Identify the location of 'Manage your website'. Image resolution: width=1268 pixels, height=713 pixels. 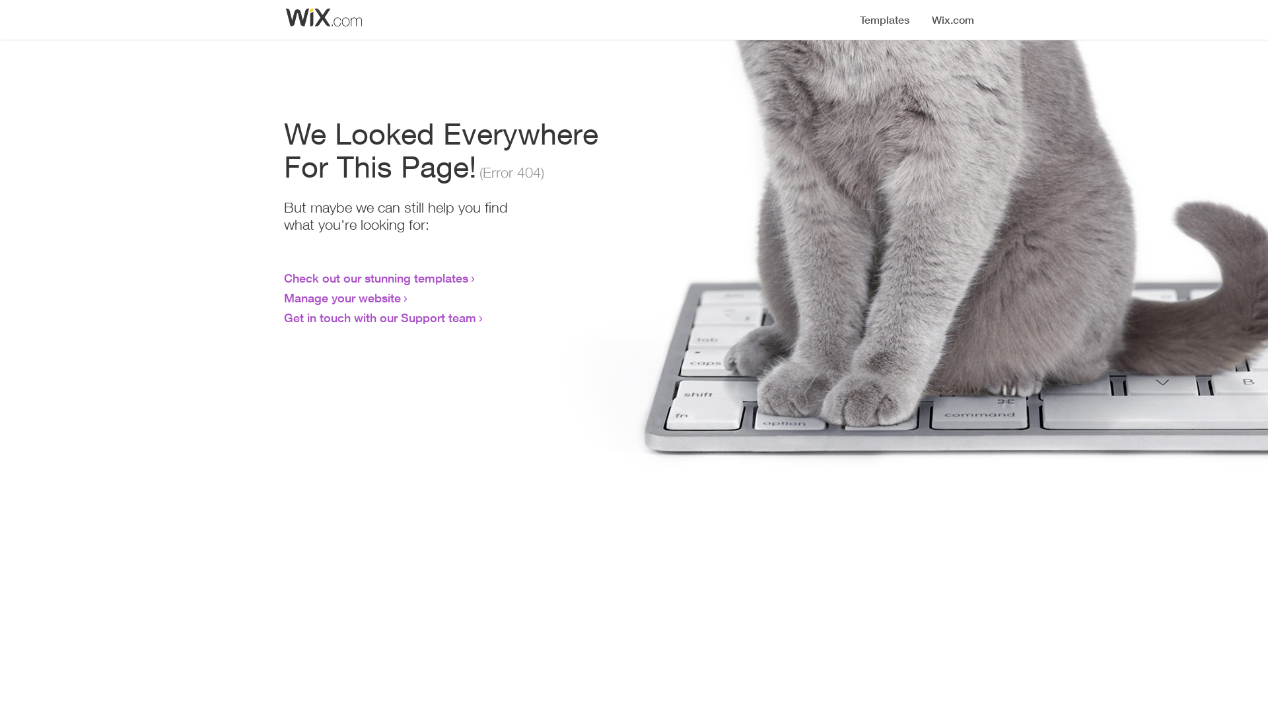
(342, 298).